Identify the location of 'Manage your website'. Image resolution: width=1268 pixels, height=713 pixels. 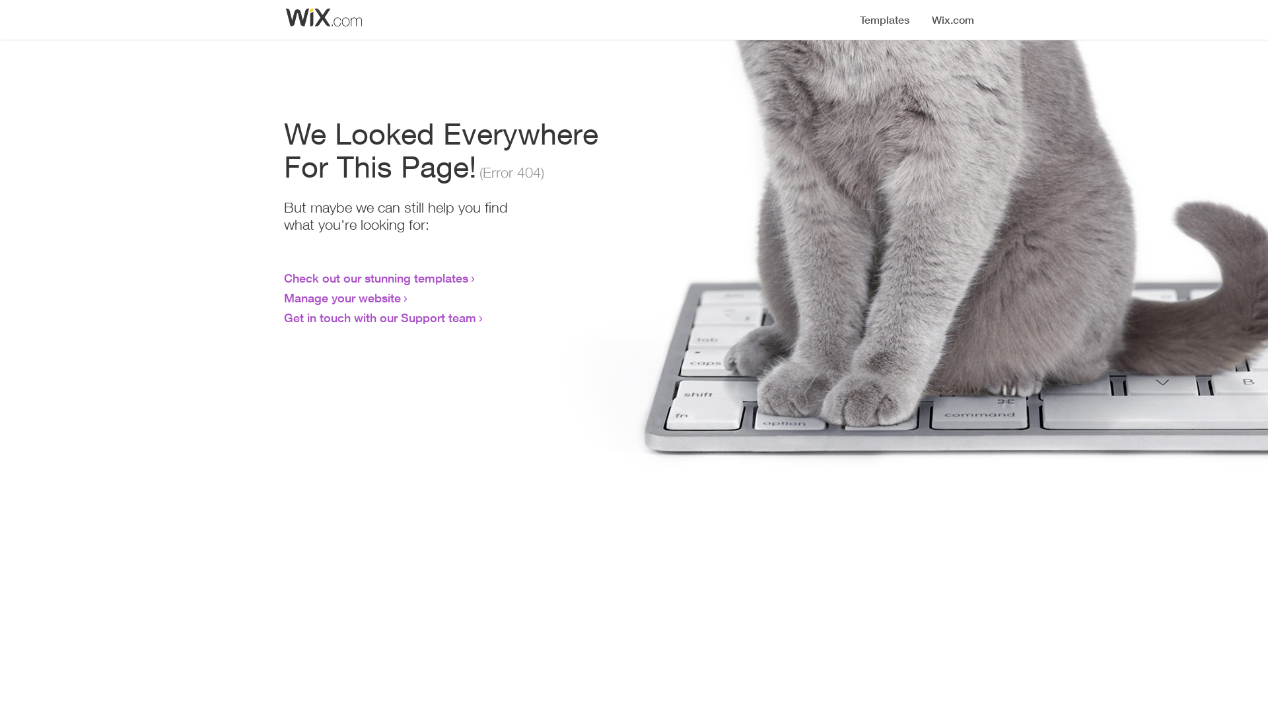
(342, 298).